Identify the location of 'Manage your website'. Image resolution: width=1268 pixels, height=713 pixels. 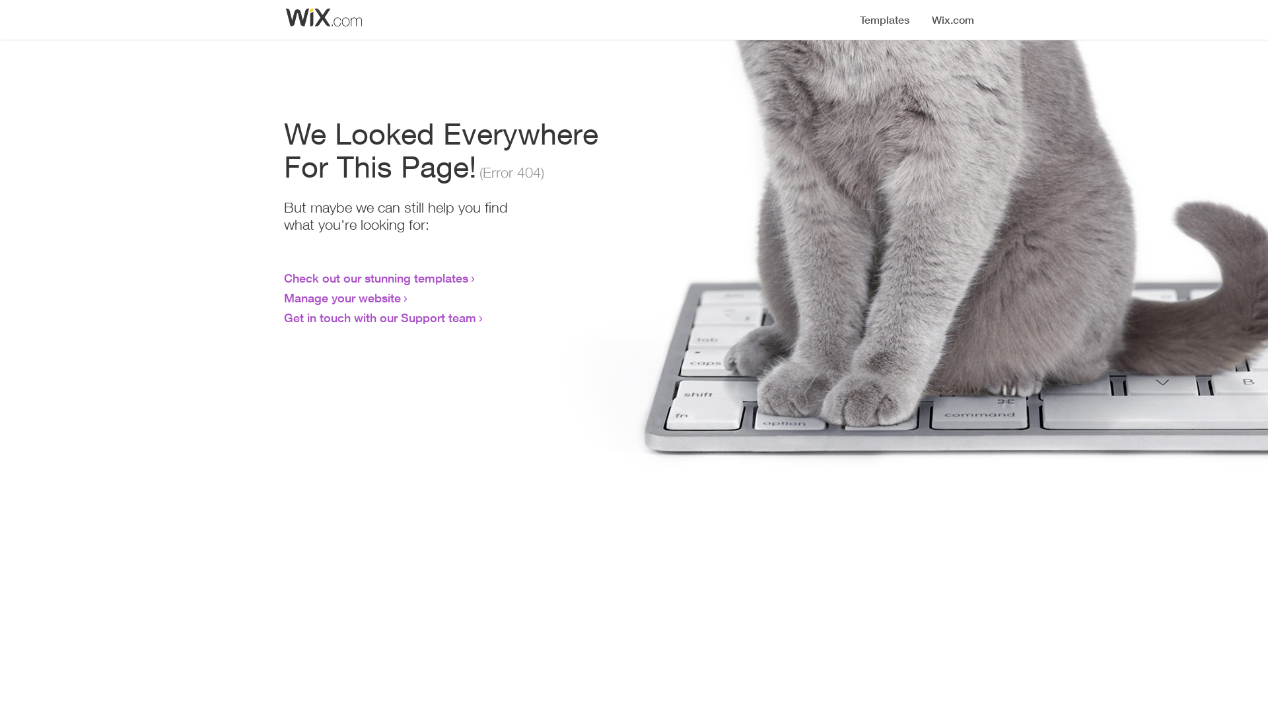
(342, 298).